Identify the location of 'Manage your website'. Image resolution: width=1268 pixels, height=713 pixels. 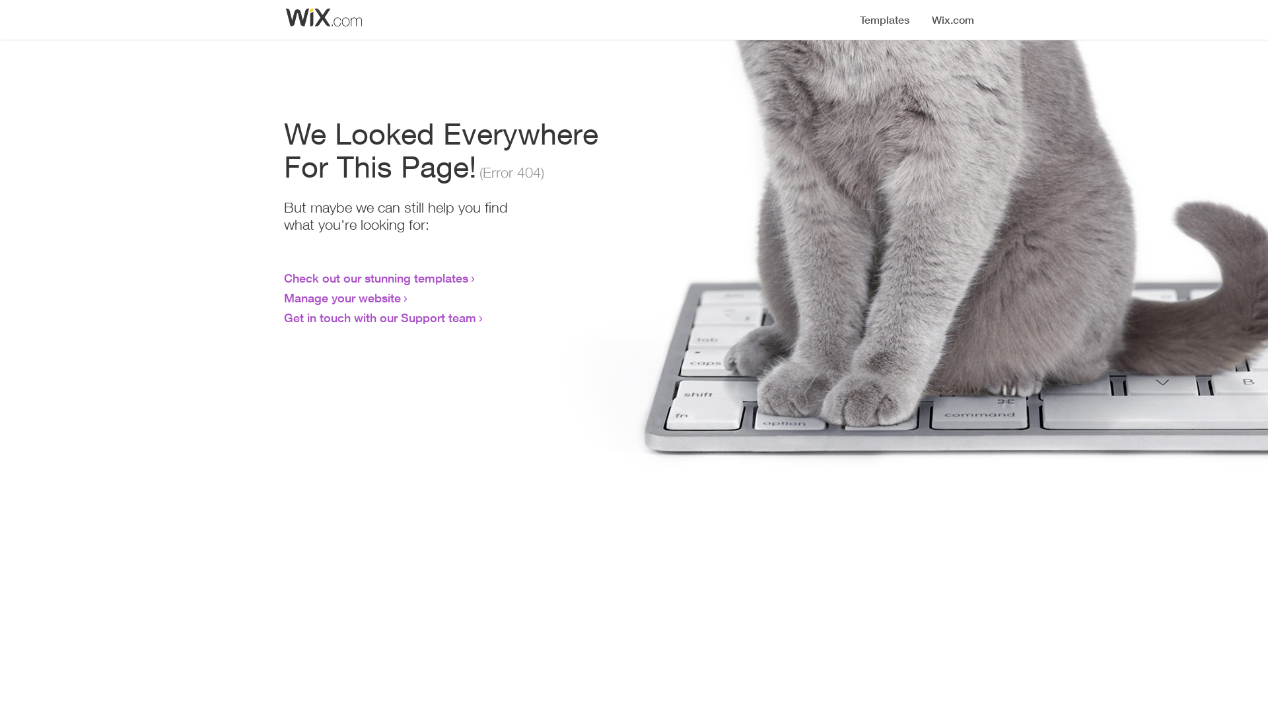
(342, 298).